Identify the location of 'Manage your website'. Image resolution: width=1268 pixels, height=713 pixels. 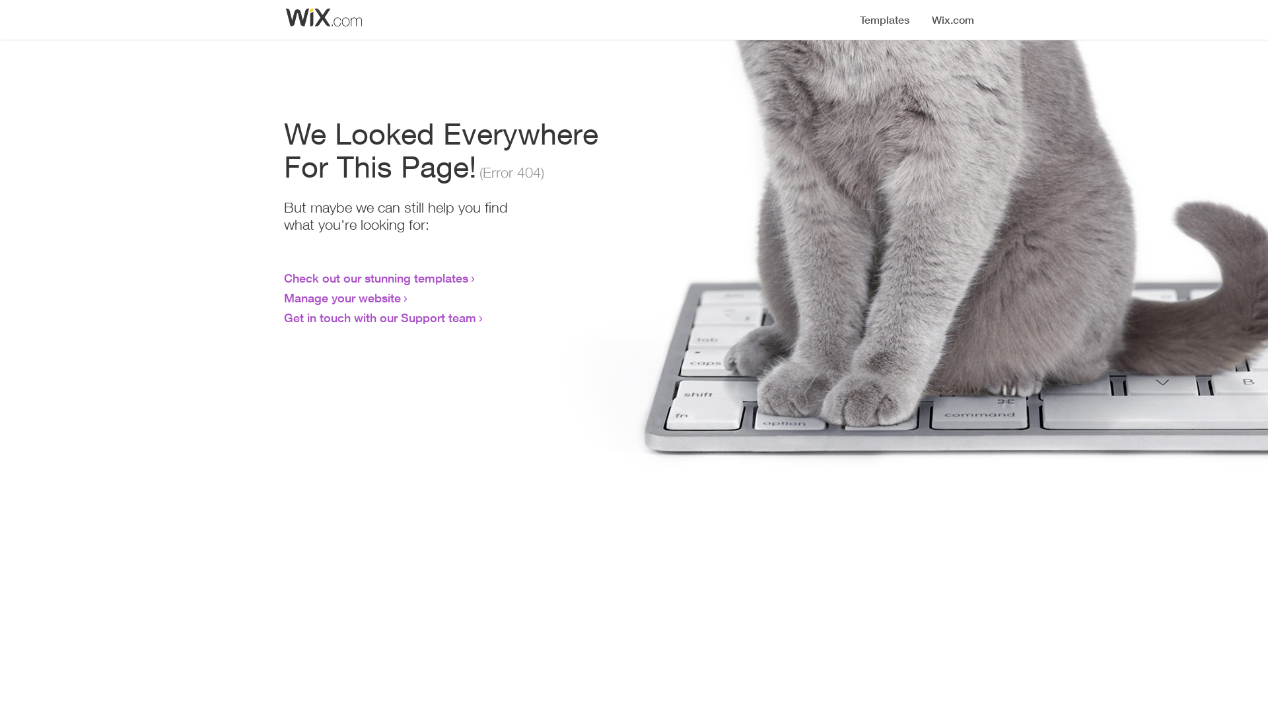
(342, 298).